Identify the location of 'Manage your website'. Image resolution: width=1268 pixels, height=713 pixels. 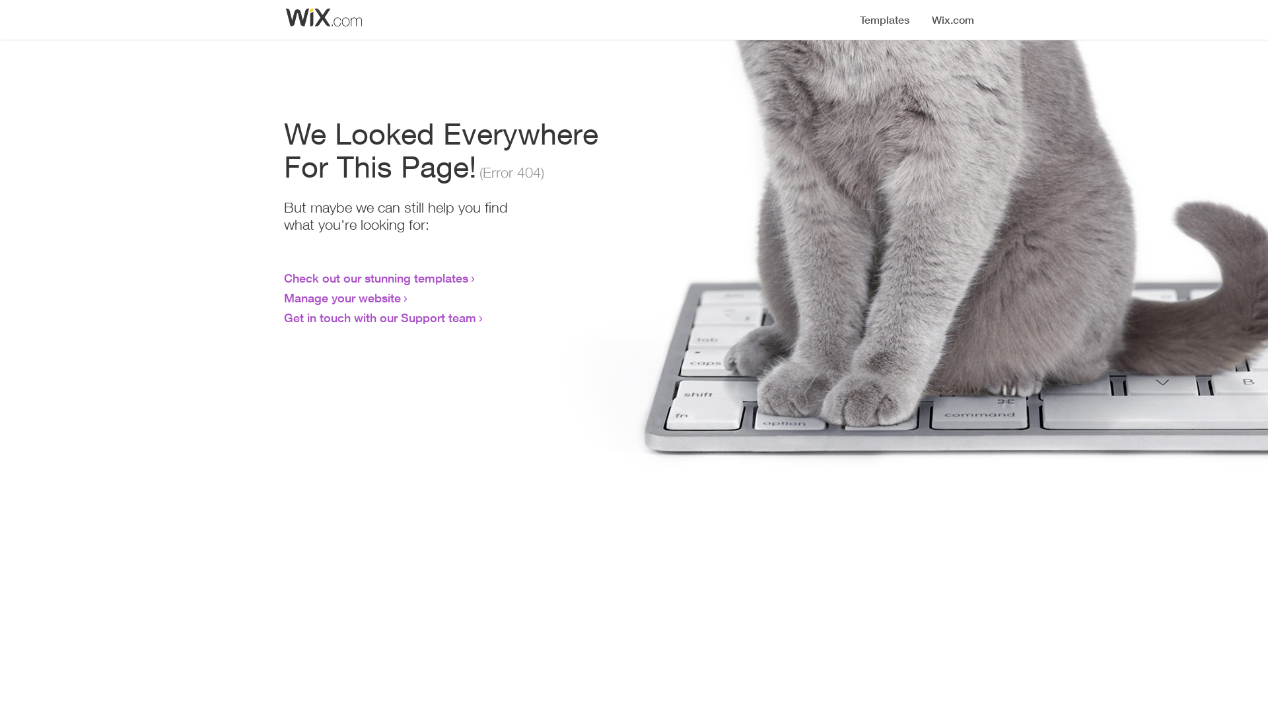
(342, 298).